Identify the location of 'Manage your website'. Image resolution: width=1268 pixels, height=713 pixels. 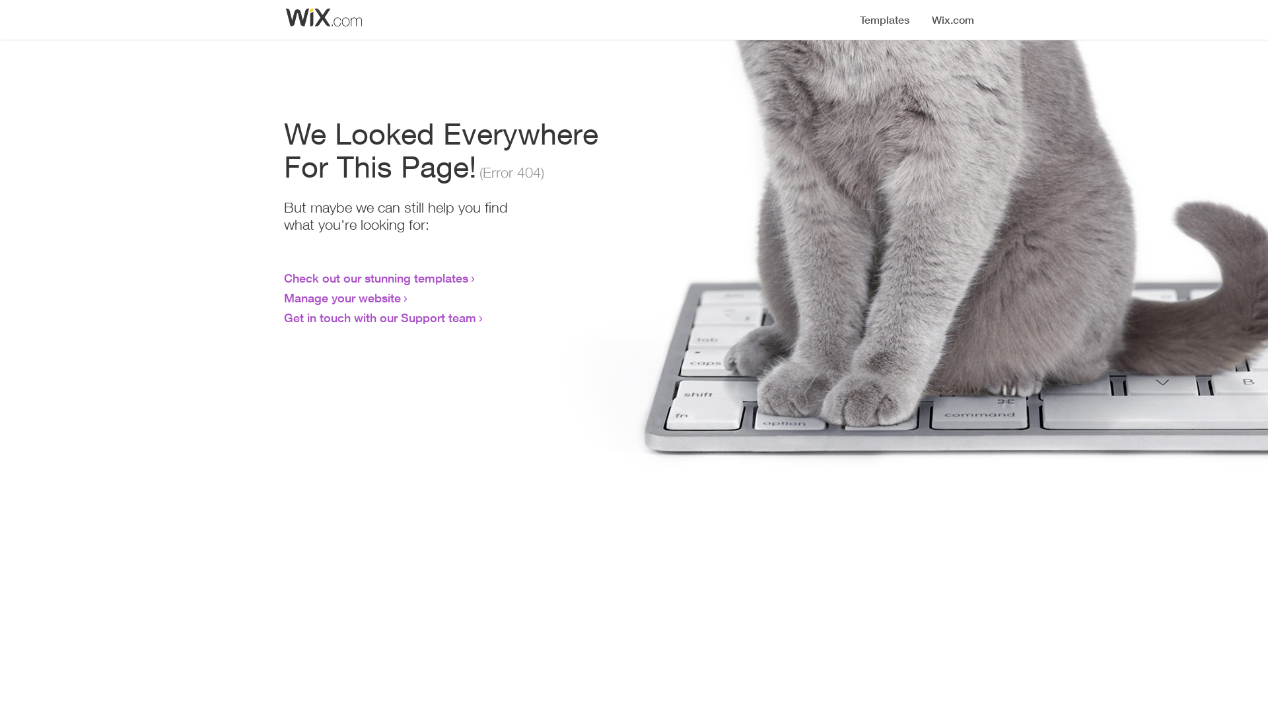
(342, 298).